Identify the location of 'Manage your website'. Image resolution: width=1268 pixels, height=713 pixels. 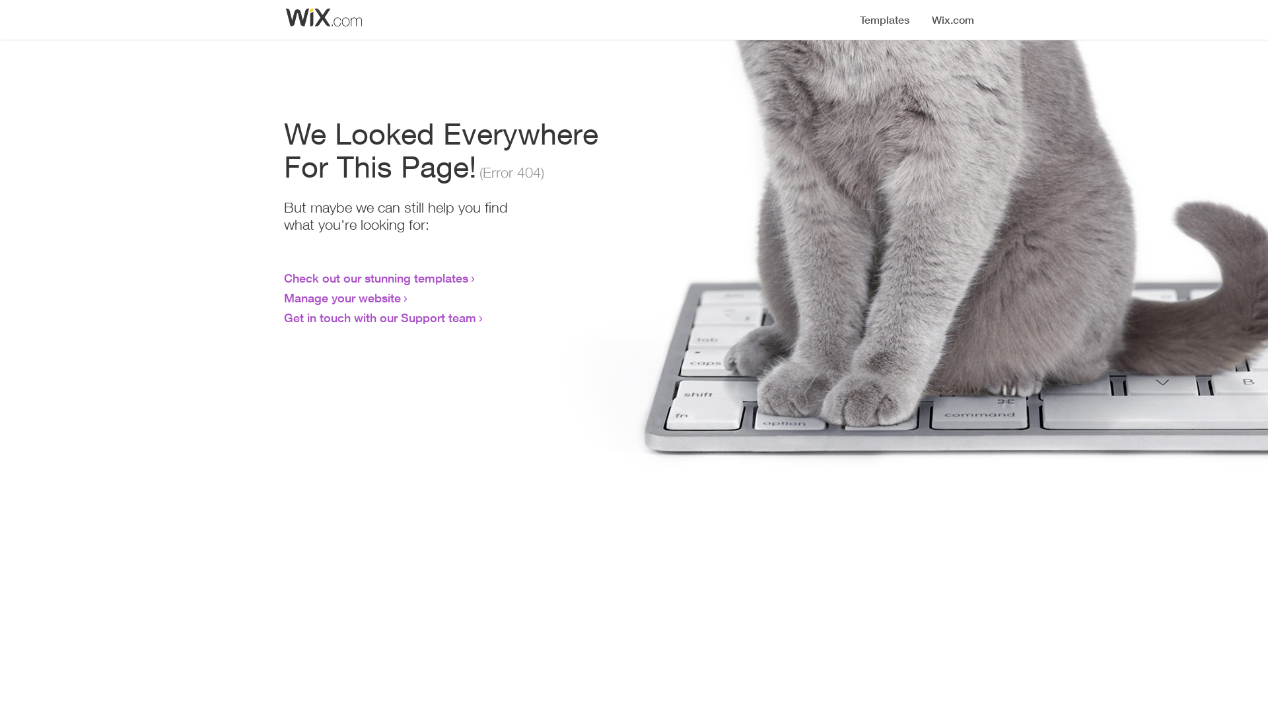
(342, 298).